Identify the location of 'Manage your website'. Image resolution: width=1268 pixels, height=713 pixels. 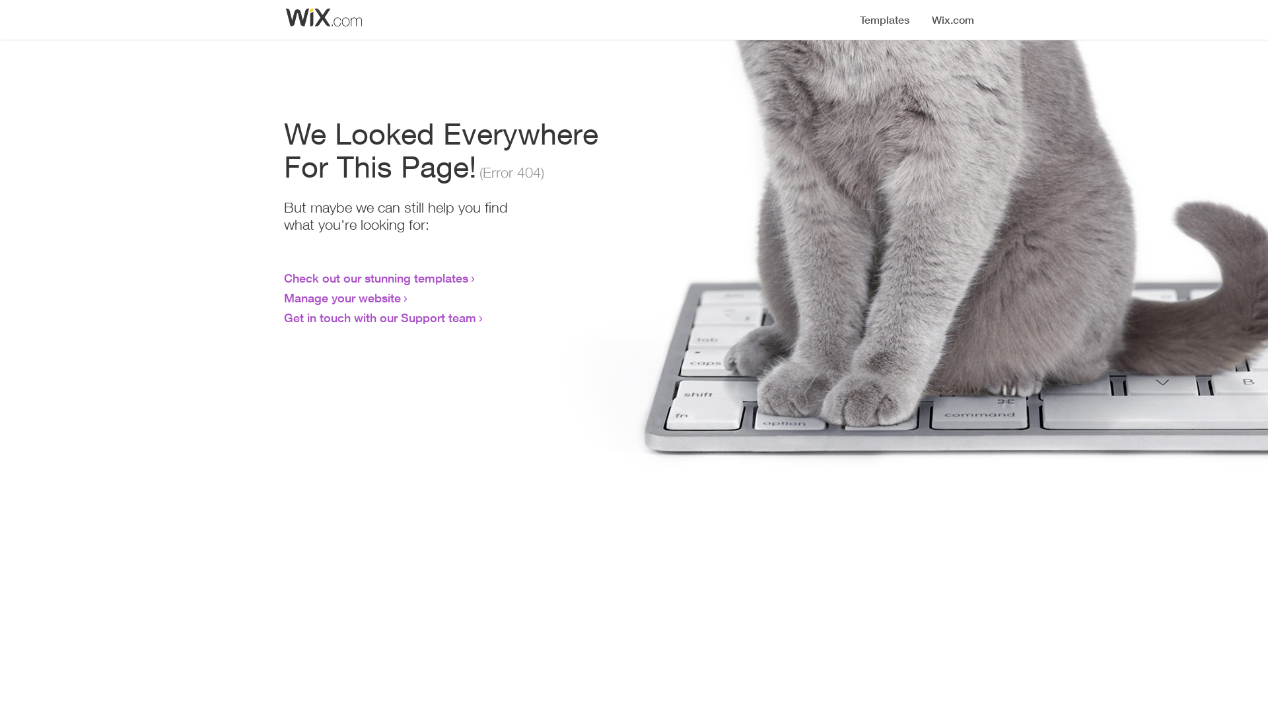
(342, 298).